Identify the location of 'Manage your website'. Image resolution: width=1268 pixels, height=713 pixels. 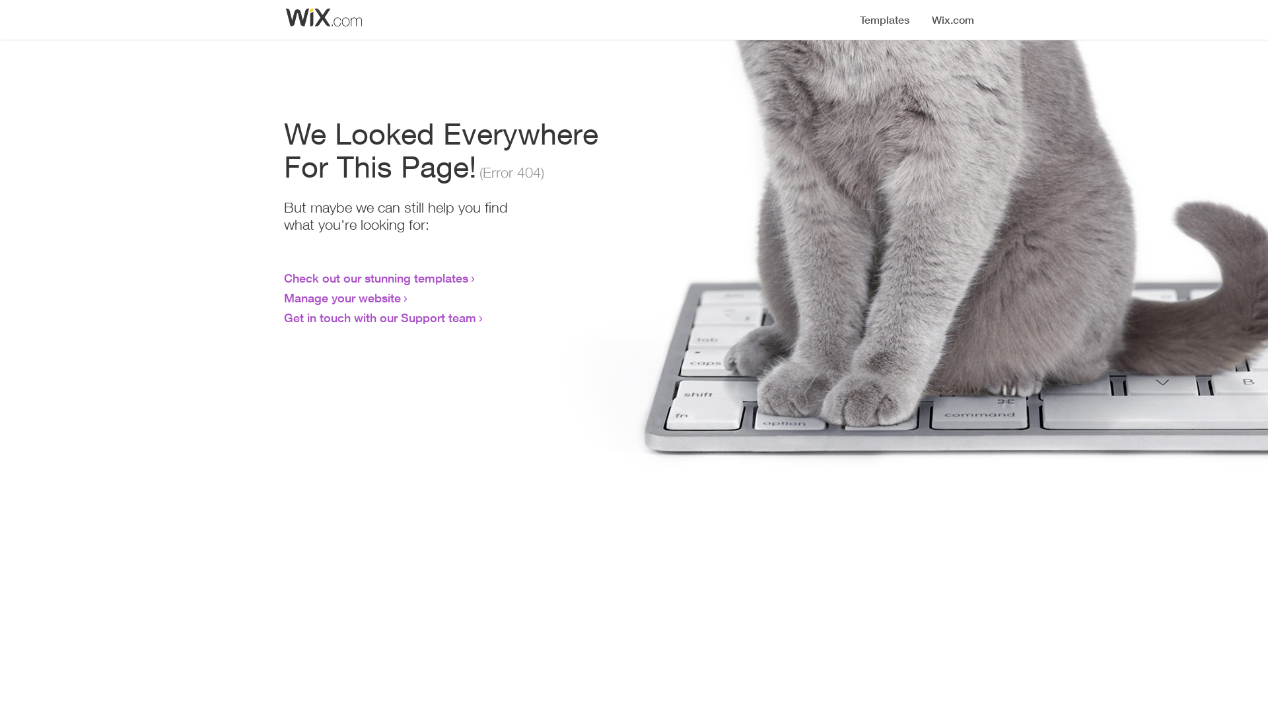
(342, 298).